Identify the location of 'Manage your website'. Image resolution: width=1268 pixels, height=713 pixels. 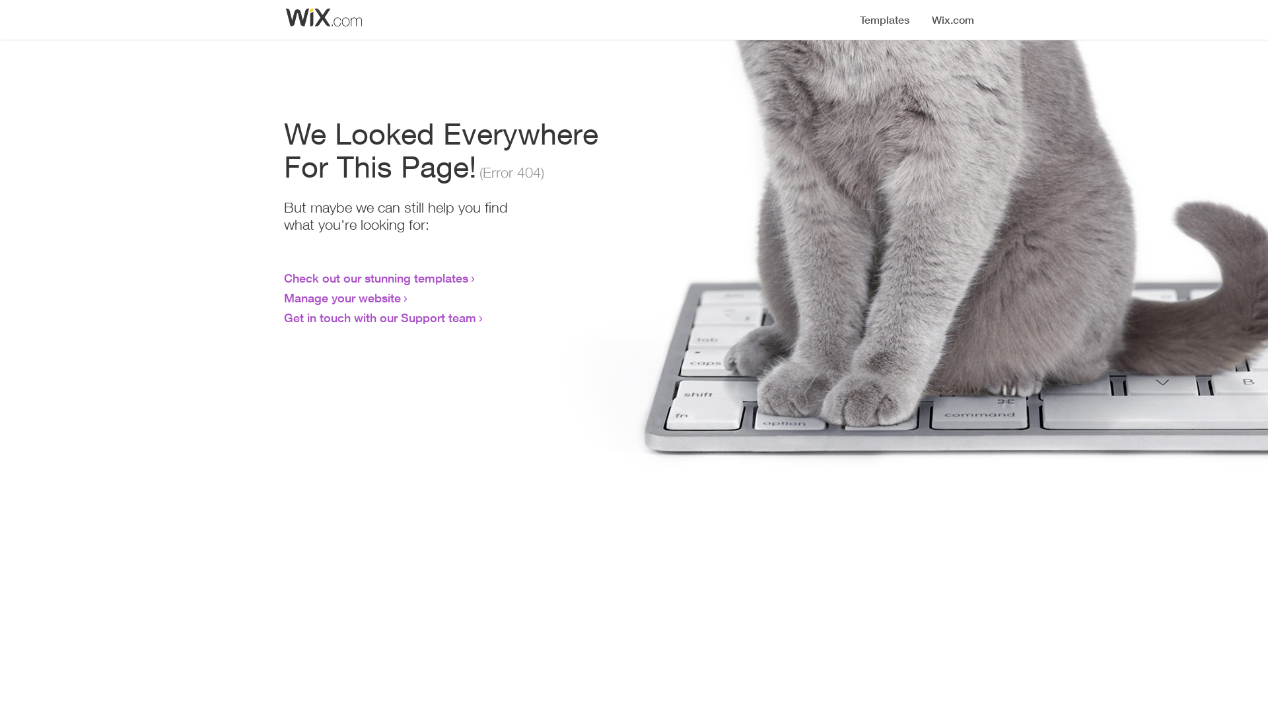
(342, 298).